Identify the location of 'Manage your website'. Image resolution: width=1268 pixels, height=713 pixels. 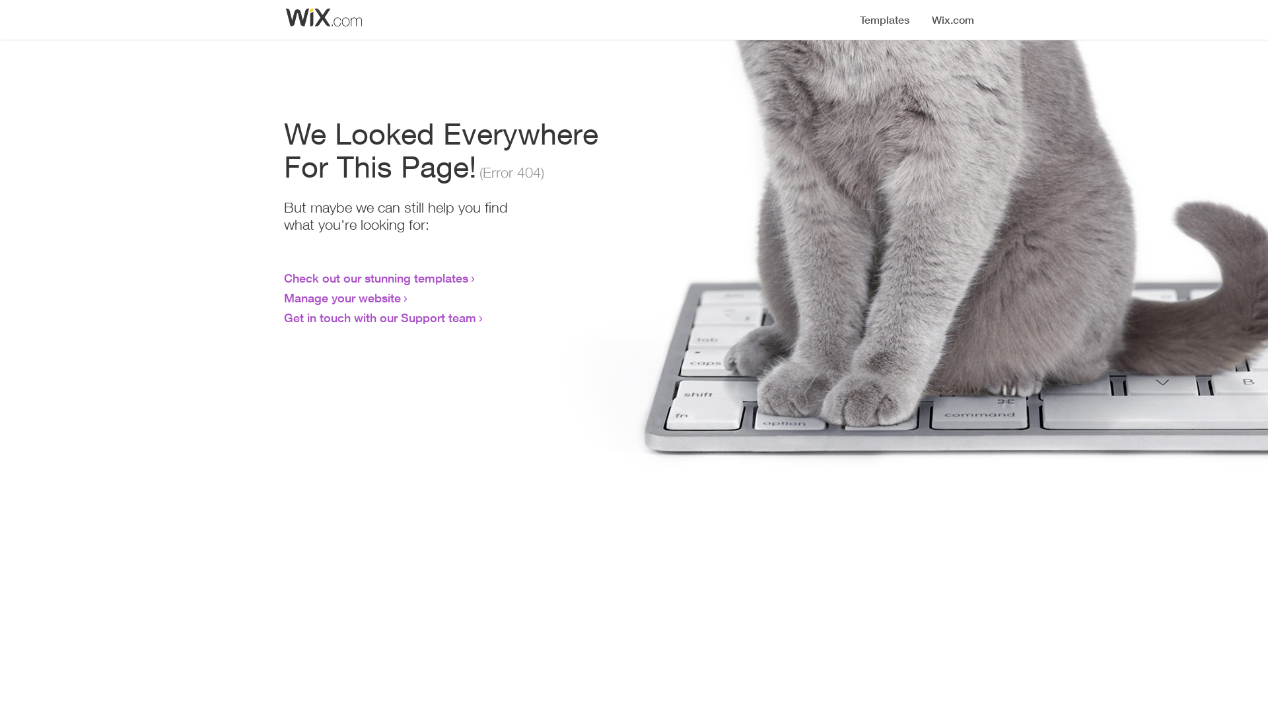
(342, 298).